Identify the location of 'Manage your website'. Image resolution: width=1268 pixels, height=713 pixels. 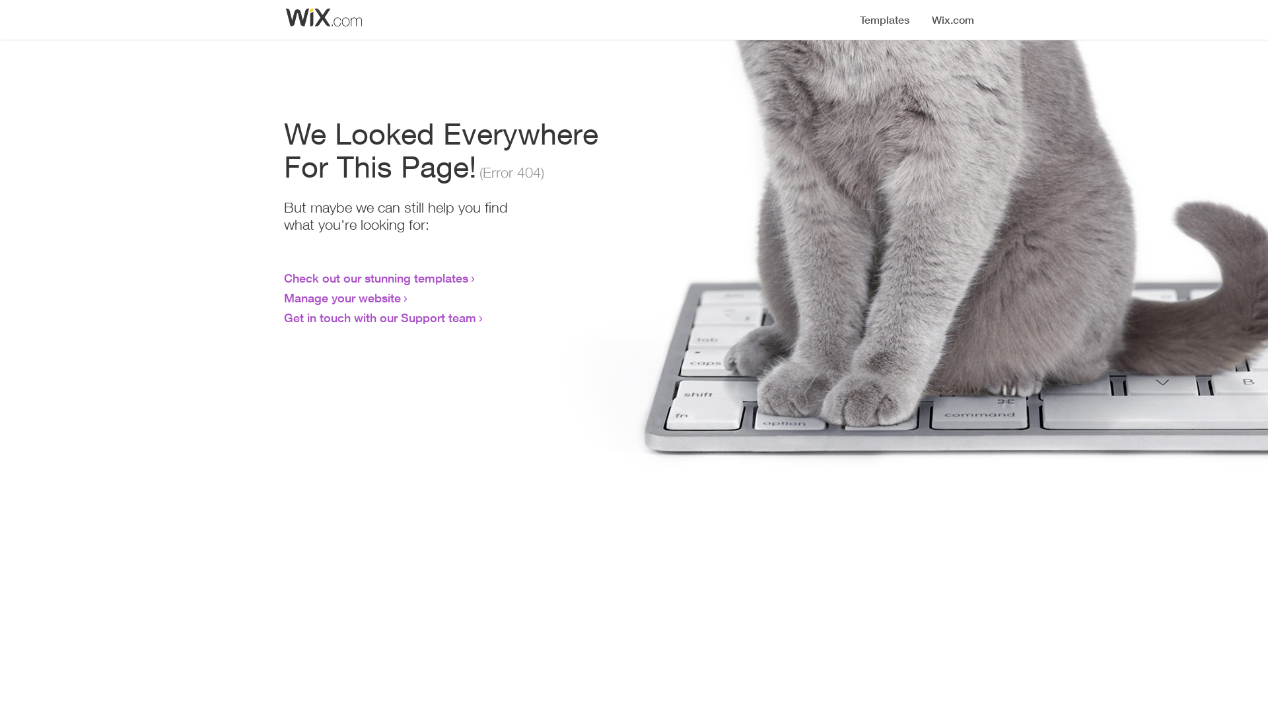
(342, 298).